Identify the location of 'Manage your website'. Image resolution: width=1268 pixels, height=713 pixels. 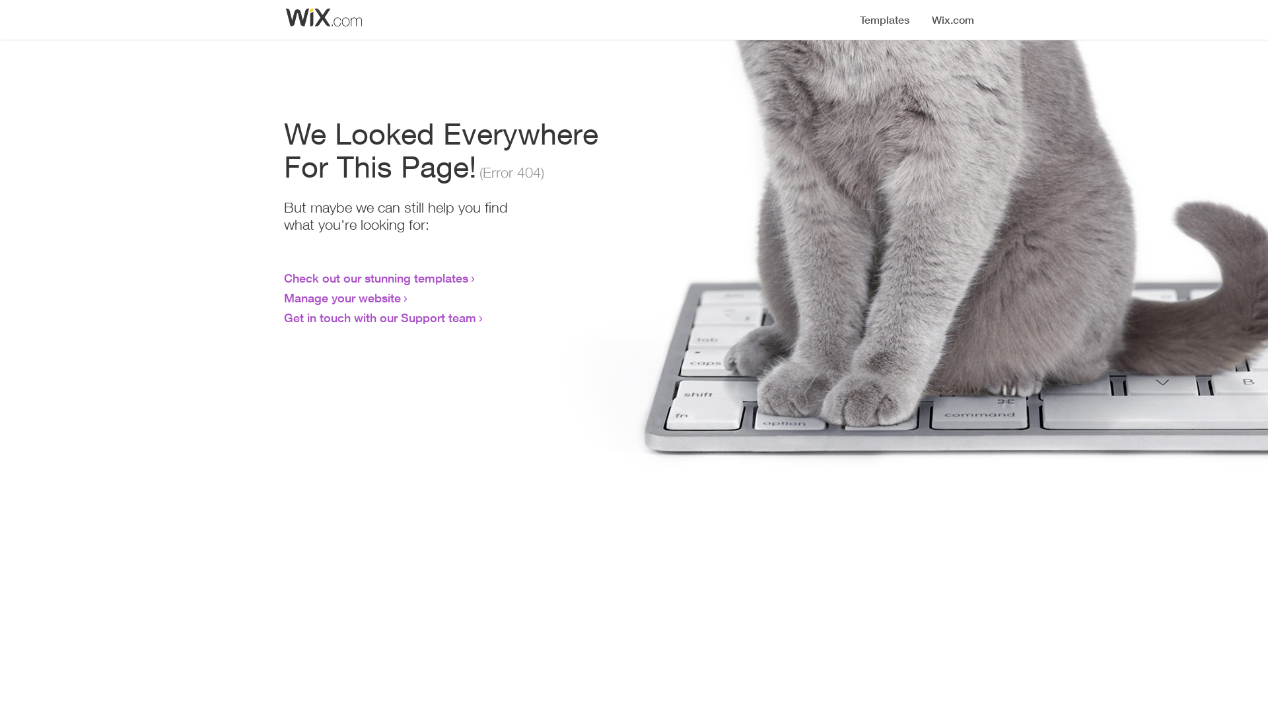
(342, 298).